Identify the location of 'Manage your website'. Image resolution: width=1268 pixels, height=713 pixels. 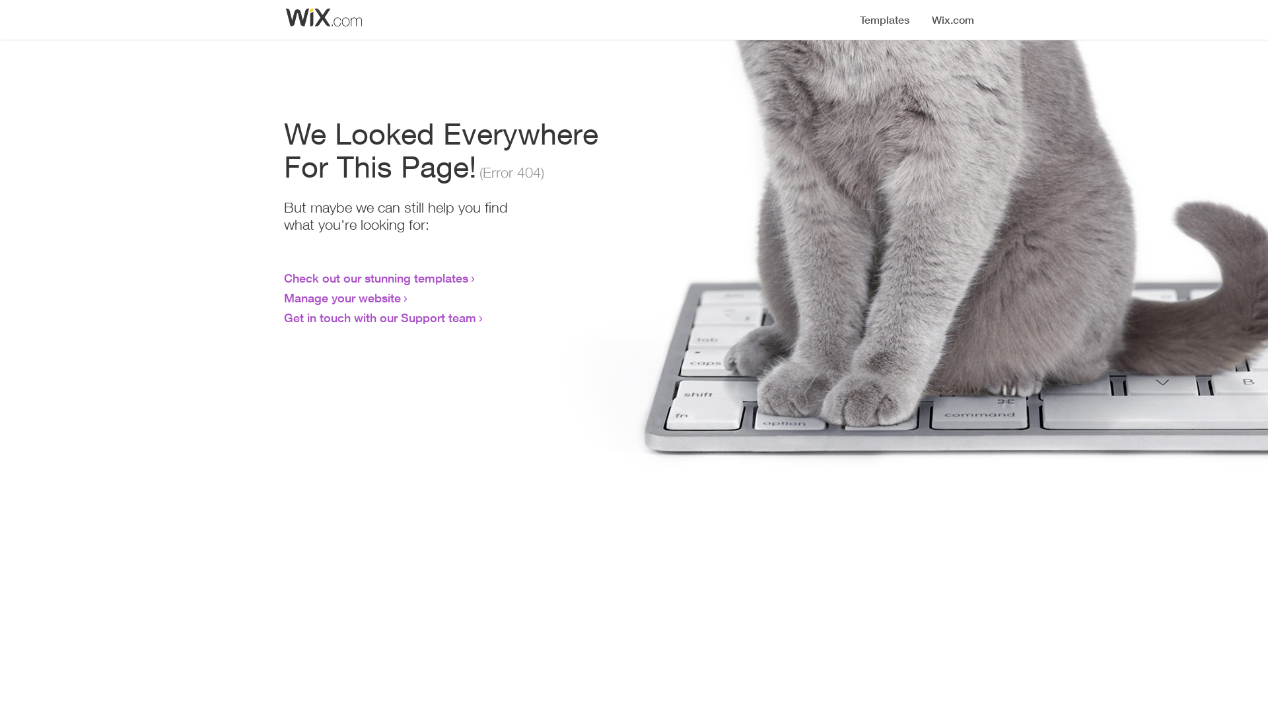
(342, 298).